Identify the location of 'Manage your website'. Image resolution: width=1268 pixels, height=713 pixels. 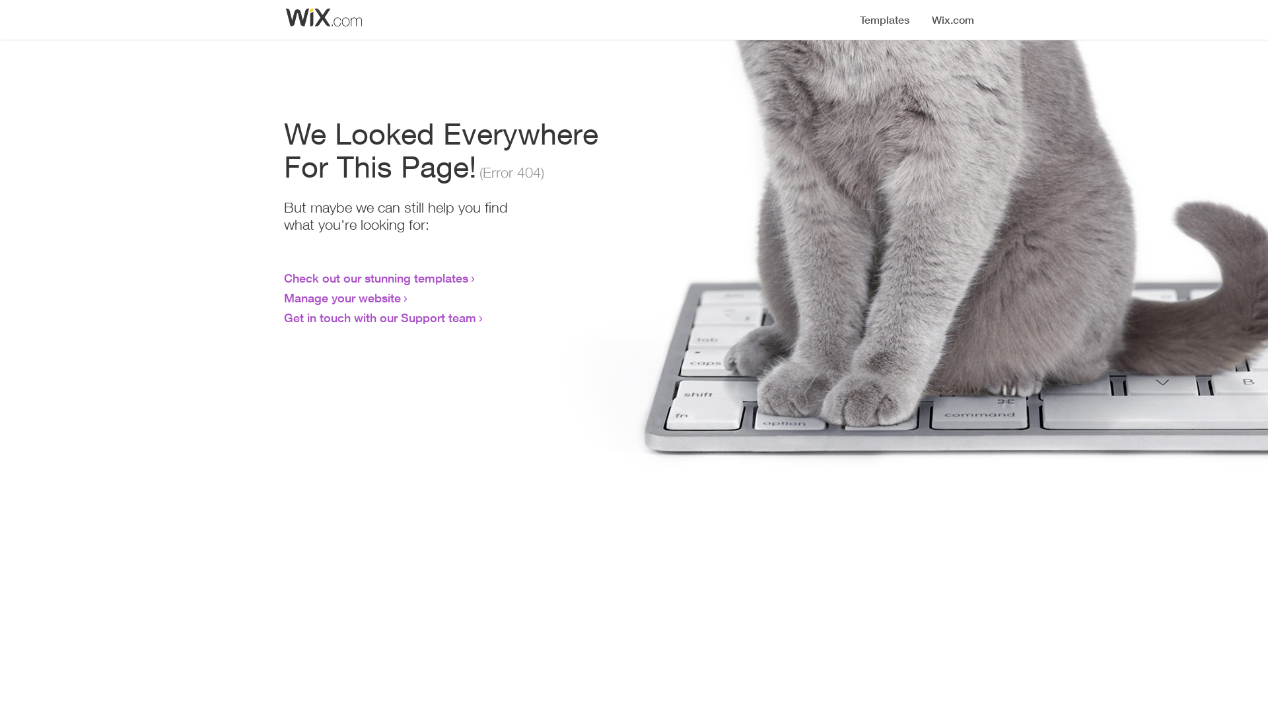
(342, 298).